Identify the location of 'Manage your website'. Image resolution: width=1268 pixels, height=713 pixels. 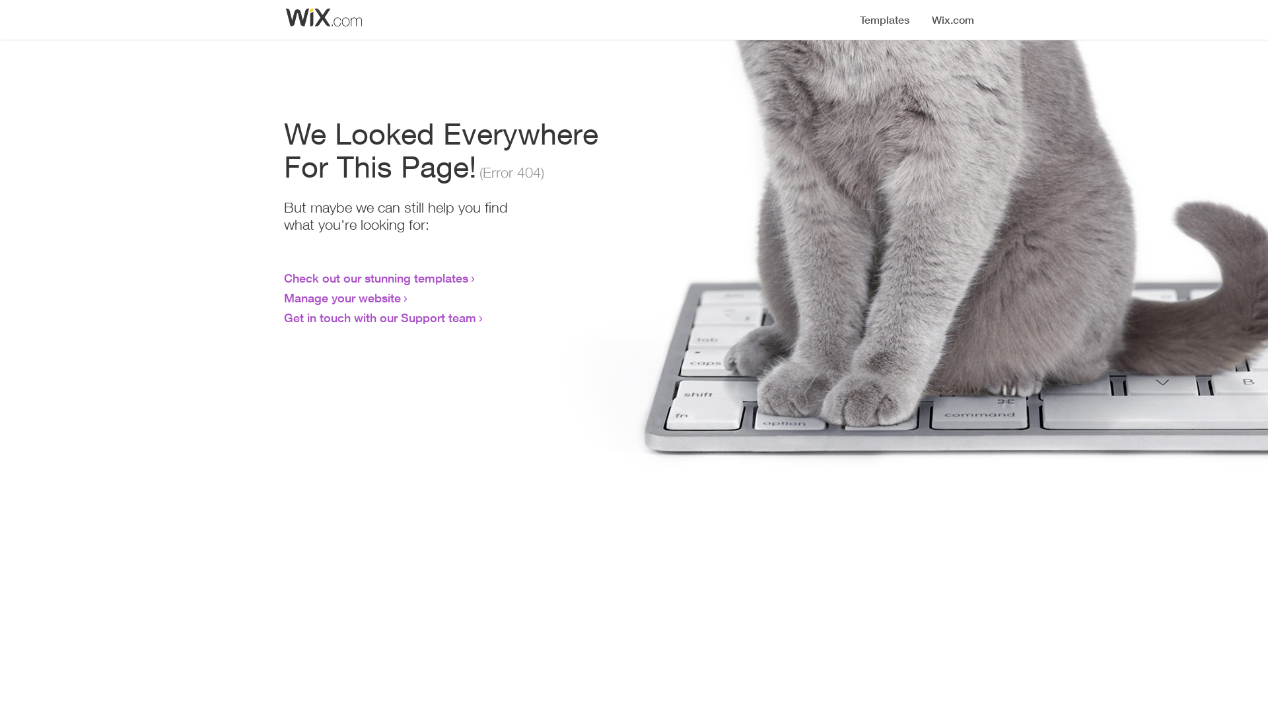
(342, 298).